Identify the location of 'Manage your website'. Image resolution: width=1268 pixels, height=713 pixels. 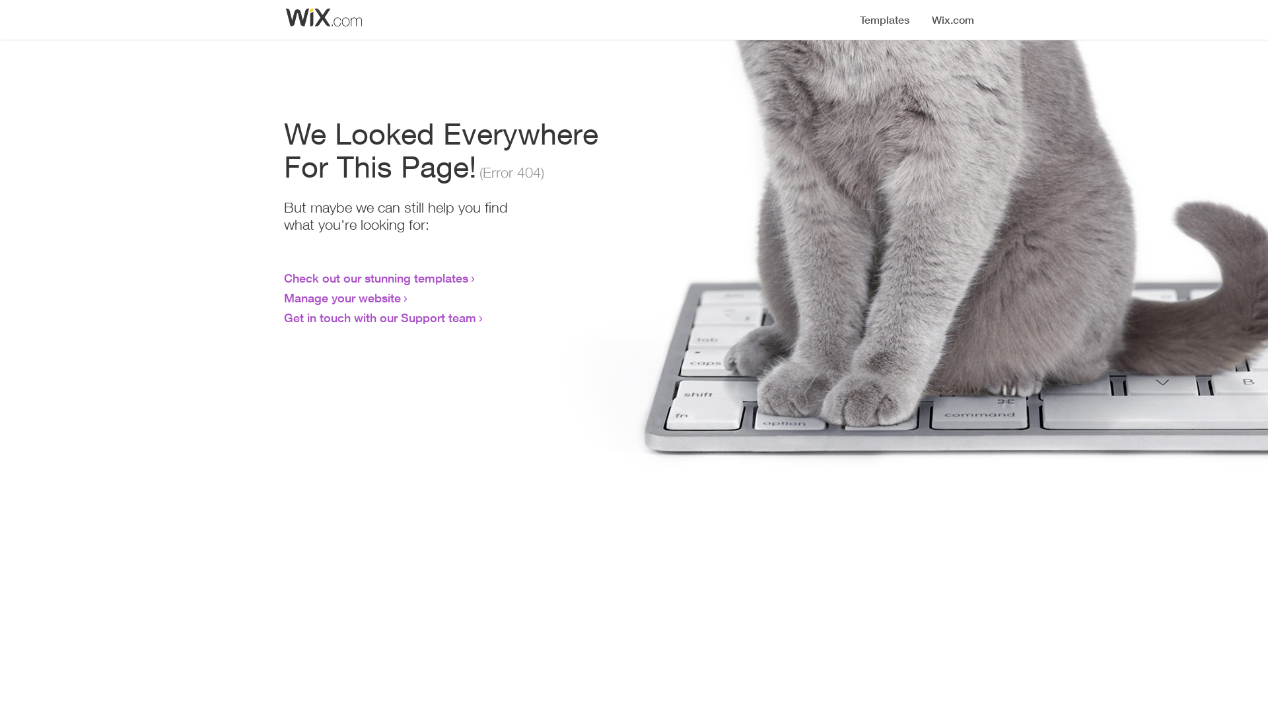
(342, 298).